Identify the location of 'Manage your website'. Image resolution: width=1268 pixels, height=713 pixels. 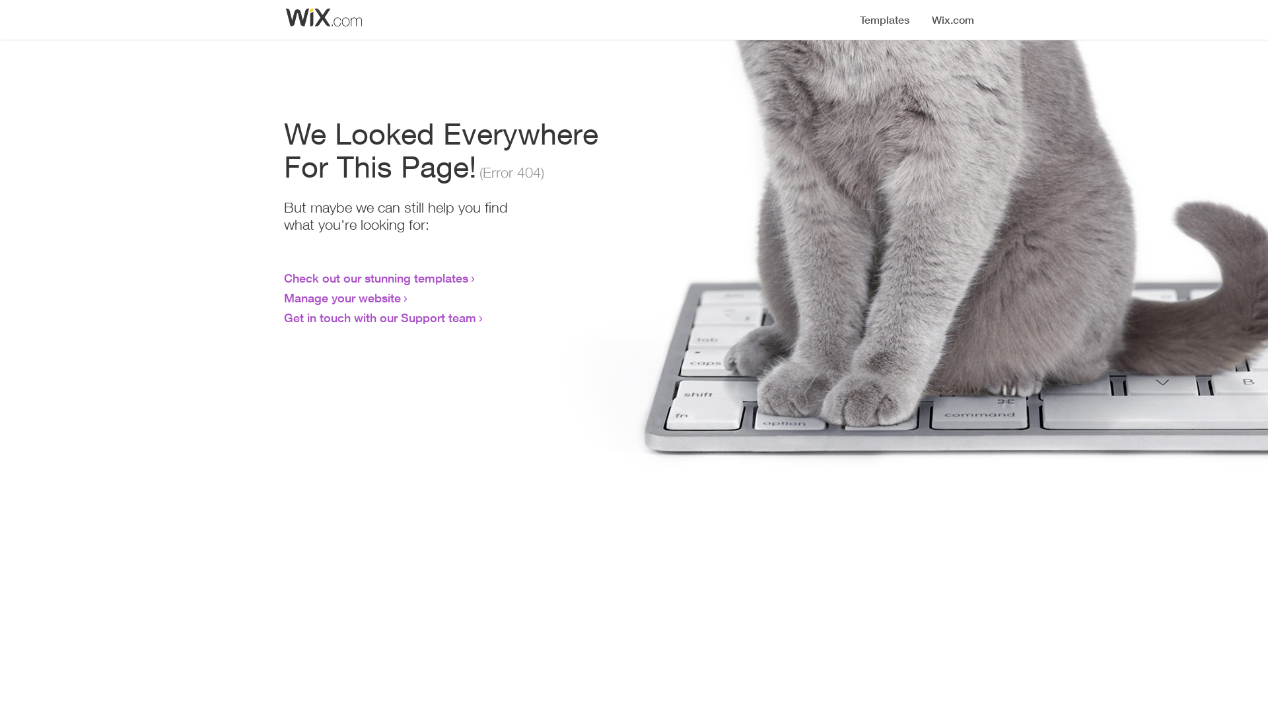
(342, 298).